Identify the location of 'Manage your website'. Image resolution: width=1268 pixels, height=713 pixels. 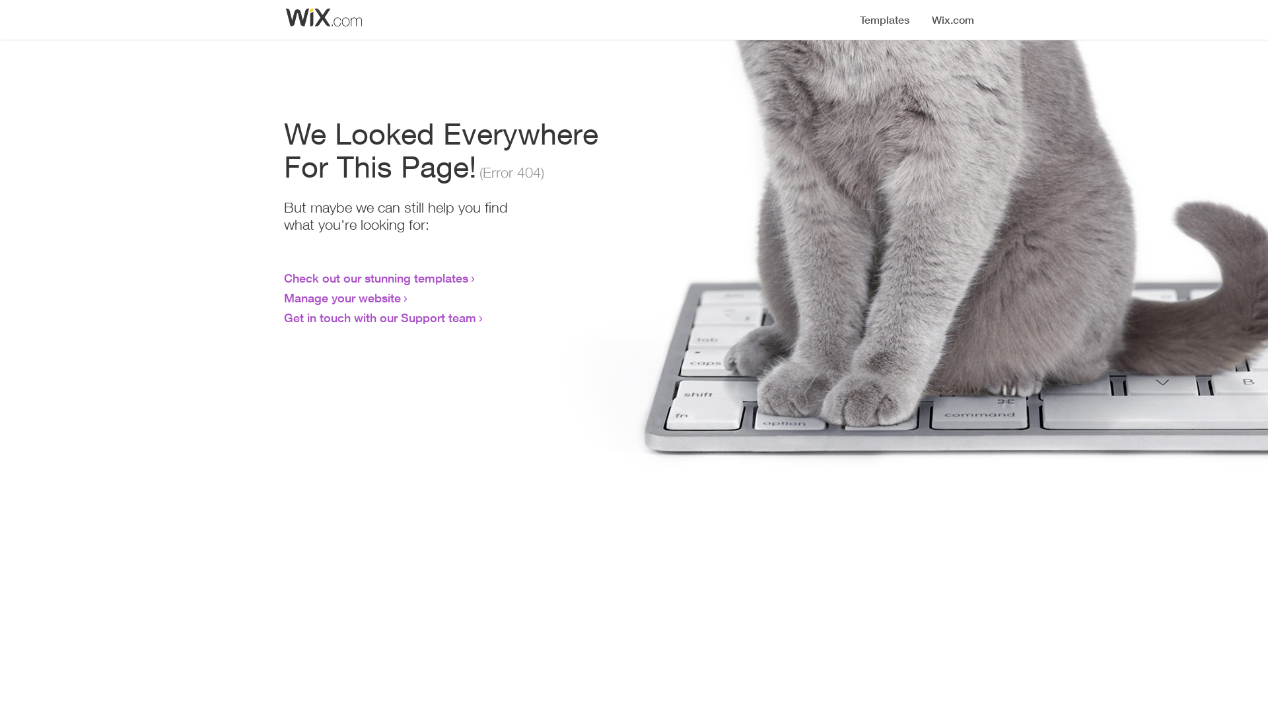
(342, 298).